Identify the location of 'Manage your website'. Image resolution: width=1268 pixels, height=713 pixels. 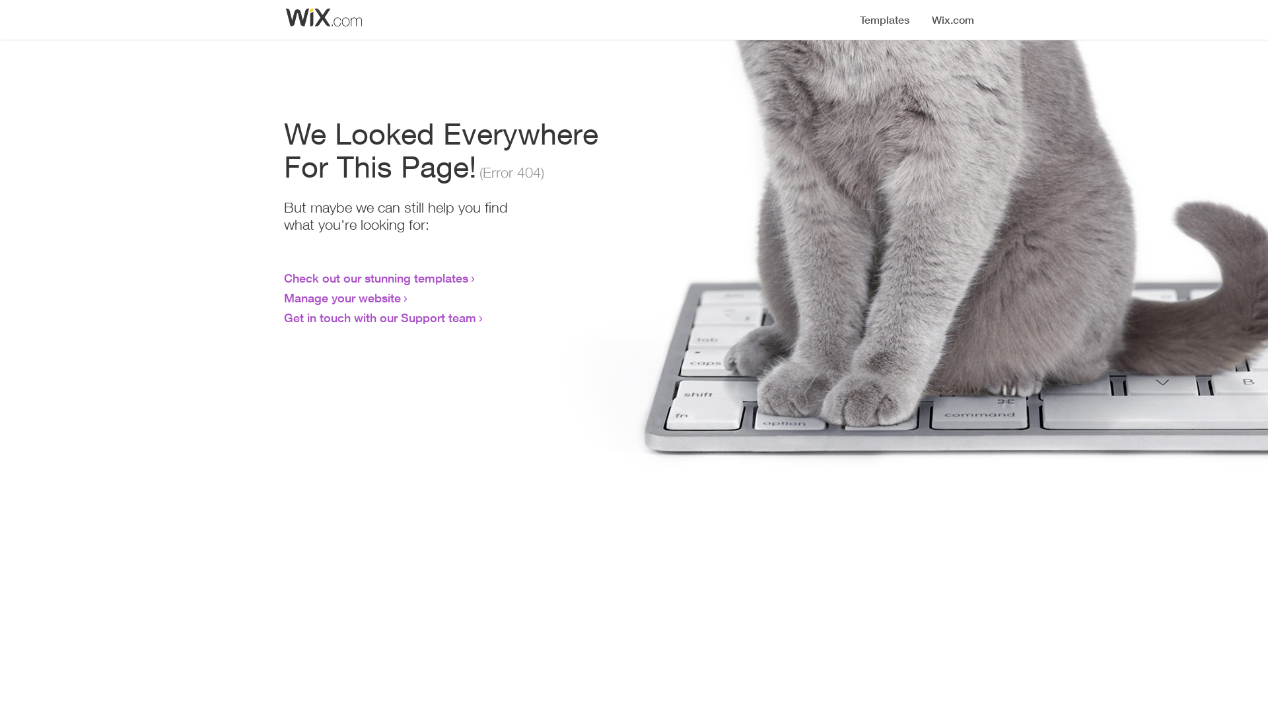
(342, 298).